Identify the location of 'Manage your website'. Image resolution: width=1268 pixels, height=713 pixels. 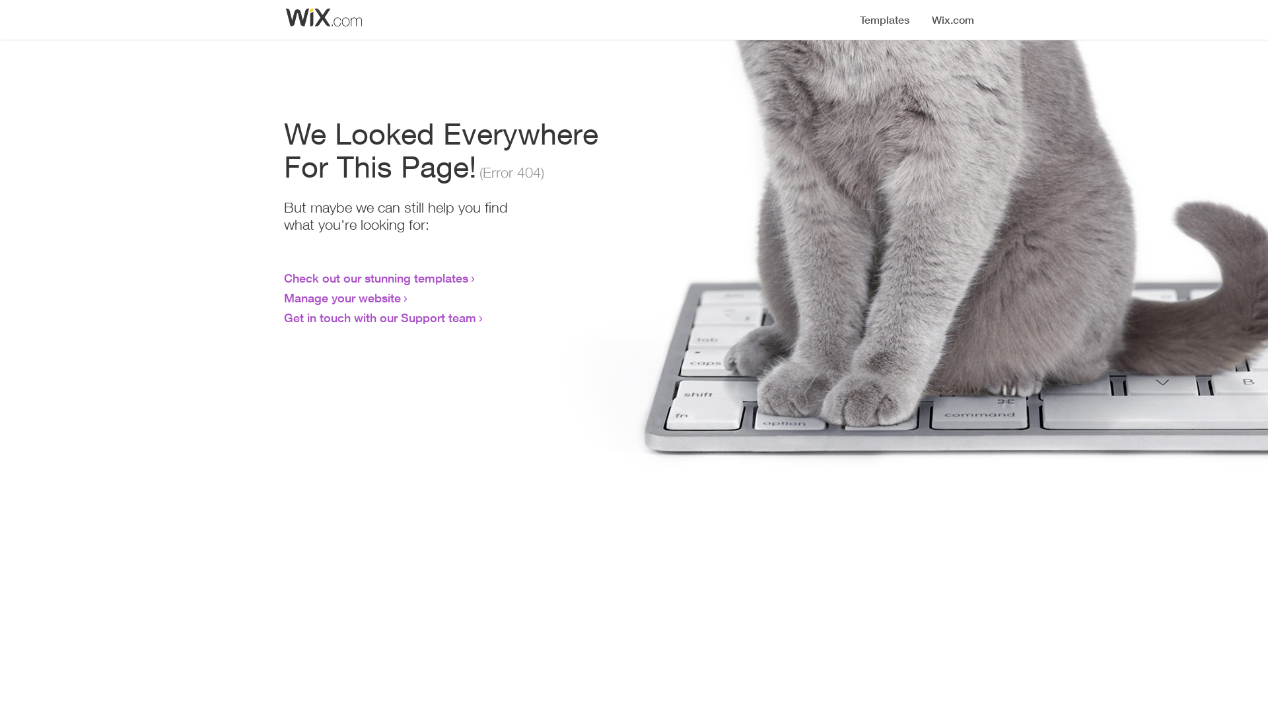
(342, 298).